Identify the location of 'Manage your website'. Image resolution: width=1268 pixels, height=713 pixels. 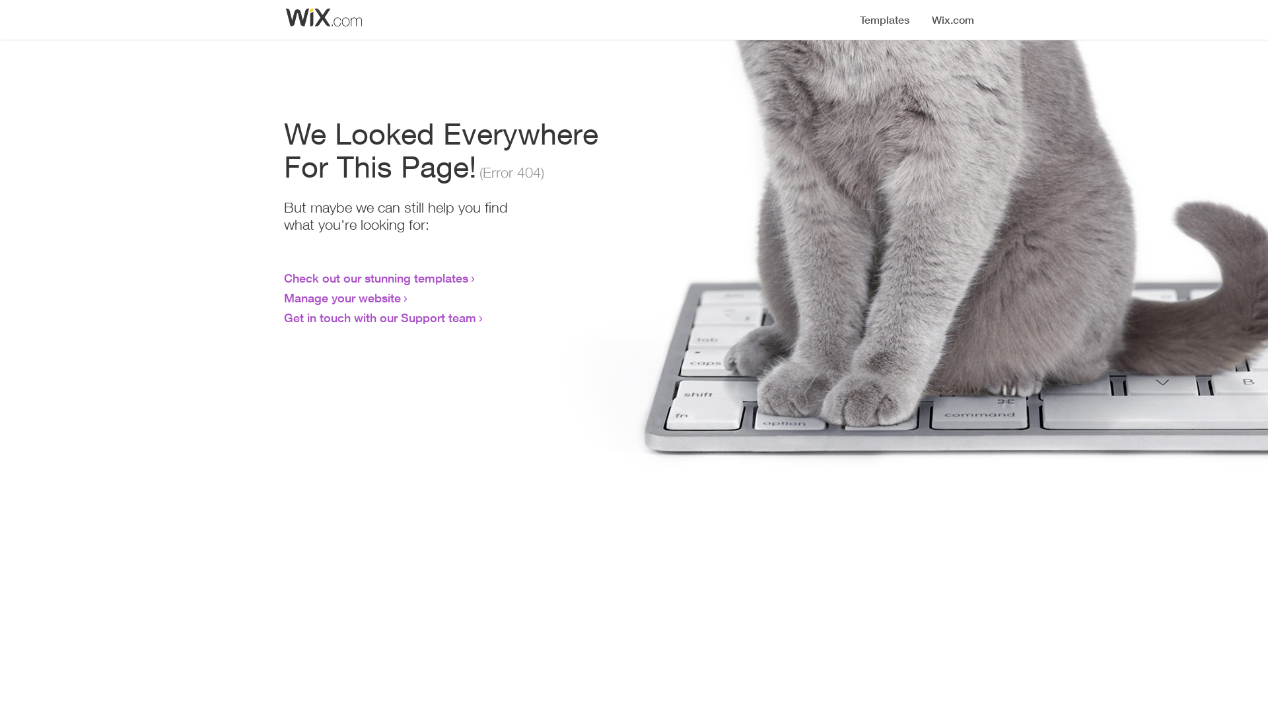
(342, 298).